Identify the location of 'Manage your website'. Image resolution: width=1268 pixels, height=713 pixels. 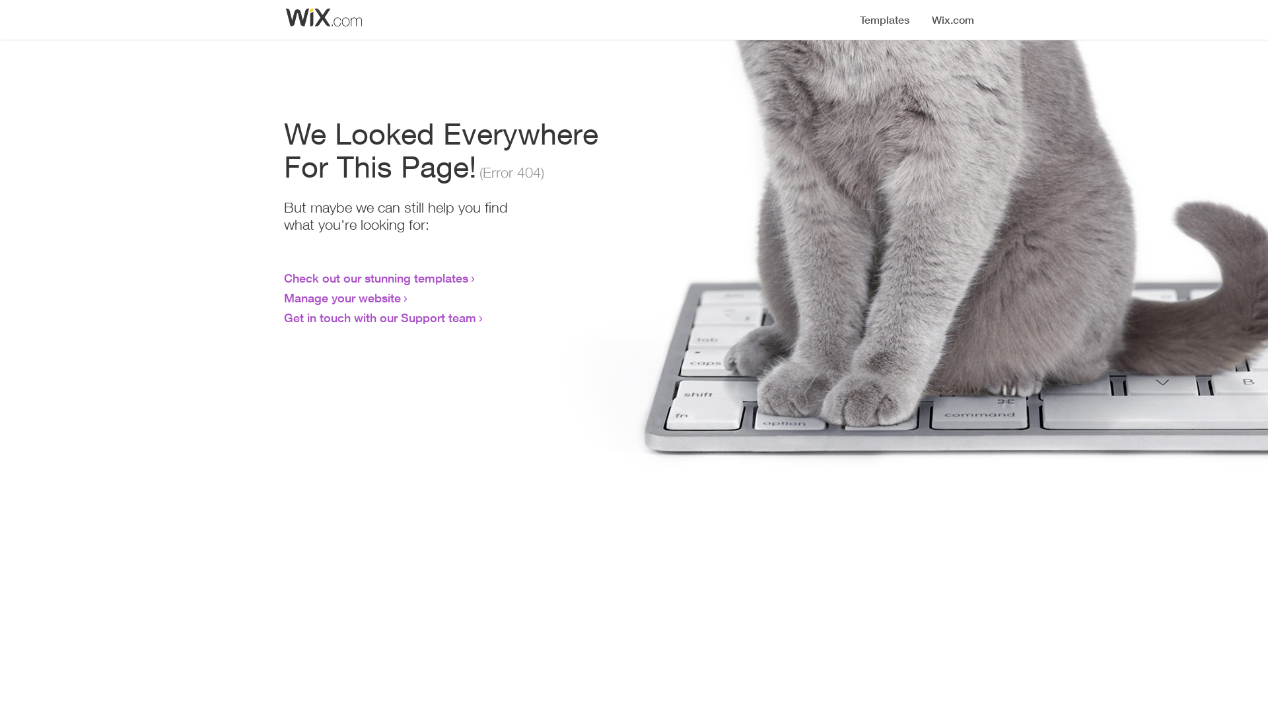
(342, 298).